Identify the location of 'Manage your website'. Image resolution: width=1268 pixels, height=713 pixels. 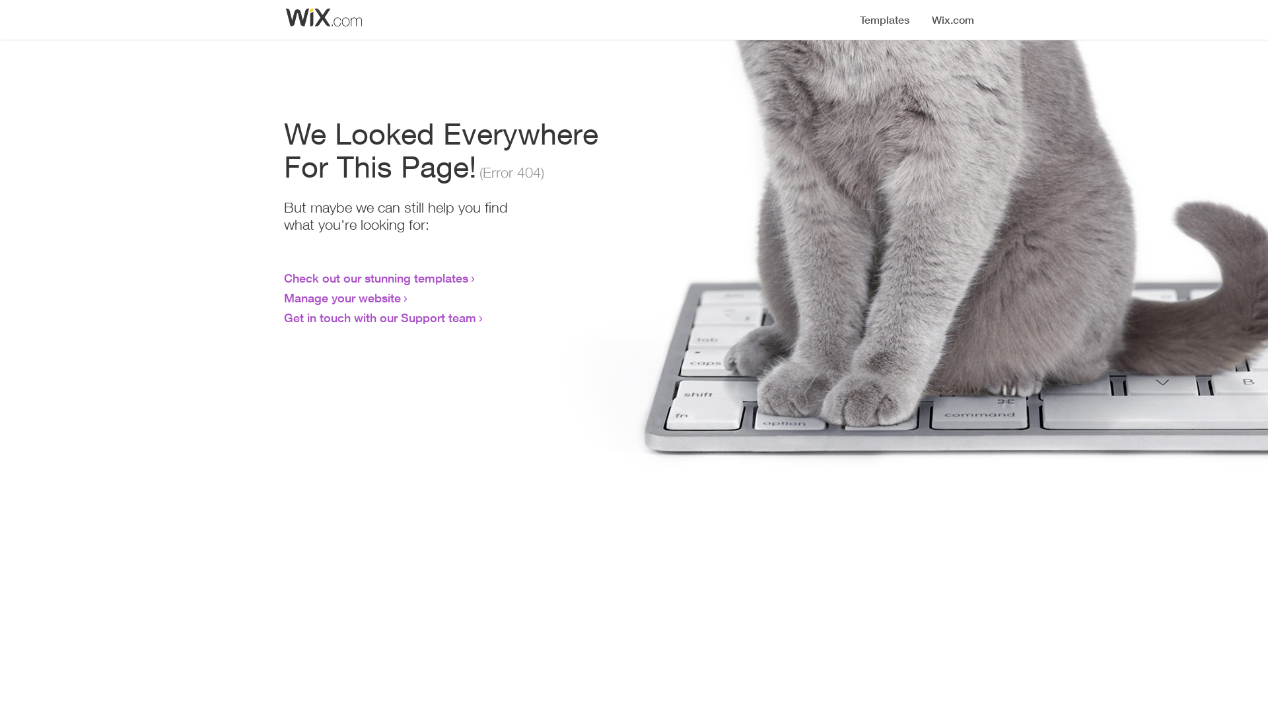
(342, 298).